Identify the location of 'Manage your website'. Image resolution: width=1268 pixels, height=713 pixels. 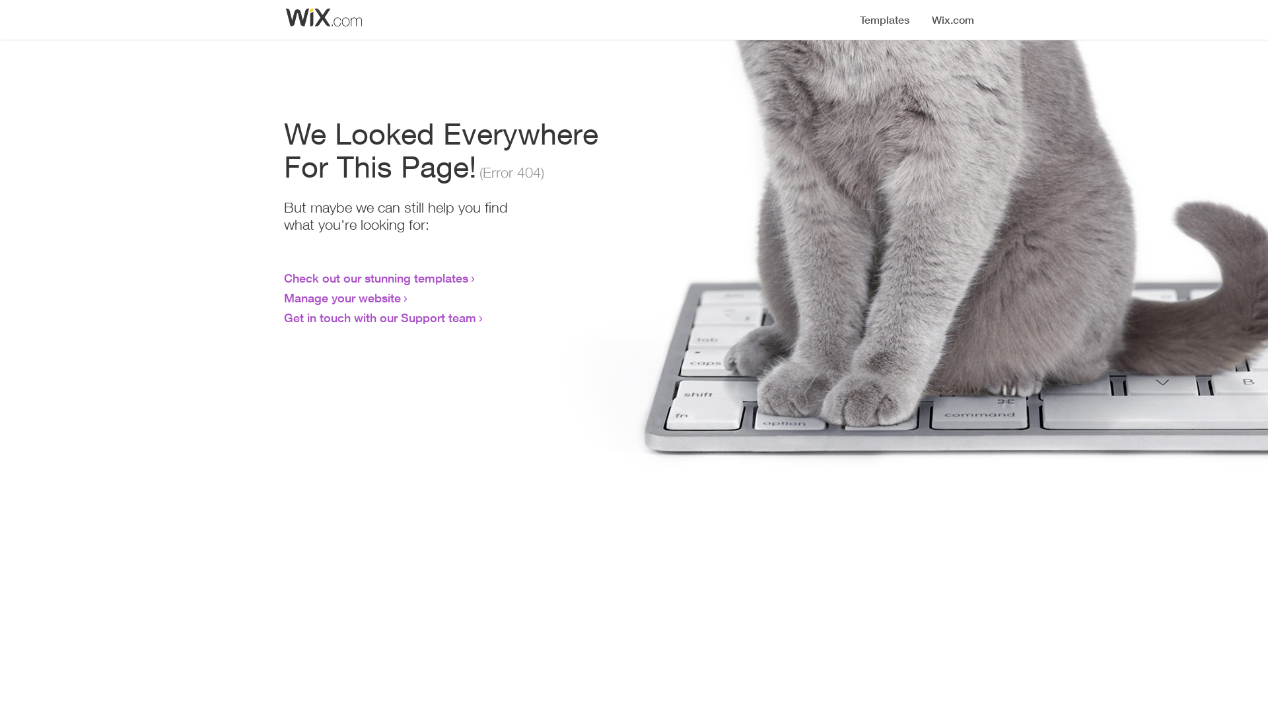
(342, 298).